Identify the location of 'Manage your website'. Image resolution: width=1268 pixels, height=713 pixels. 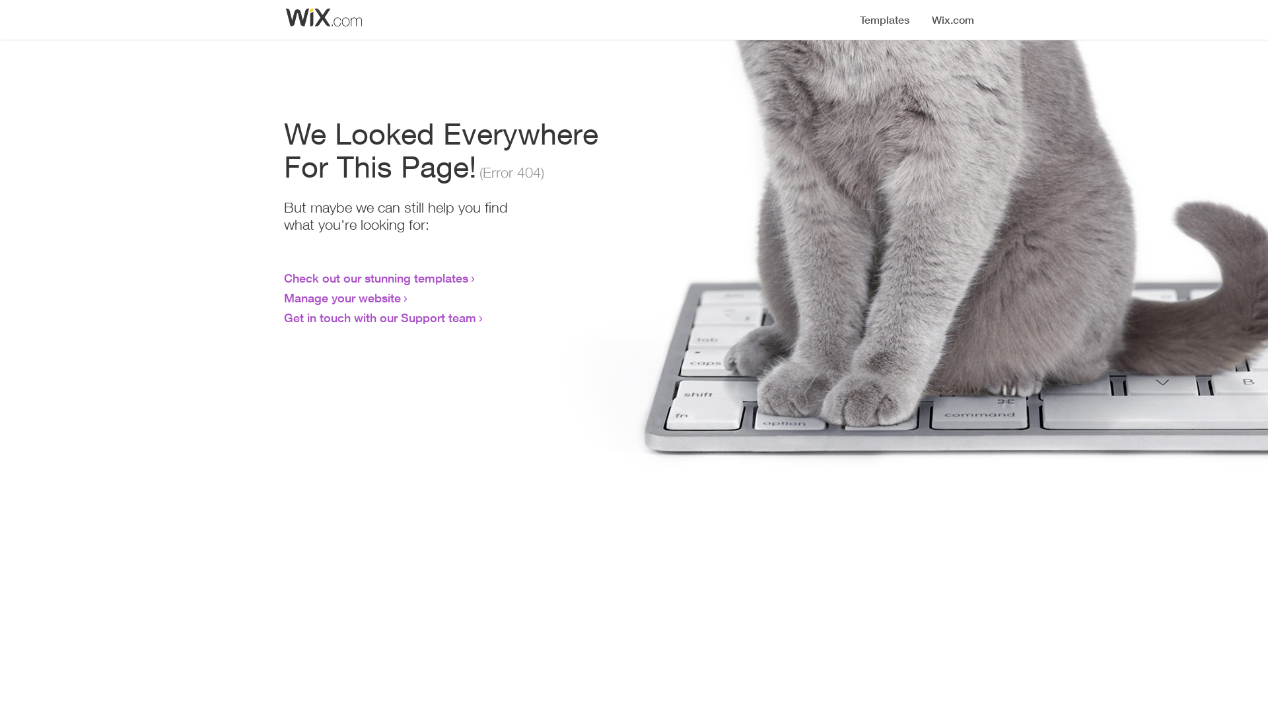
(342, 298).